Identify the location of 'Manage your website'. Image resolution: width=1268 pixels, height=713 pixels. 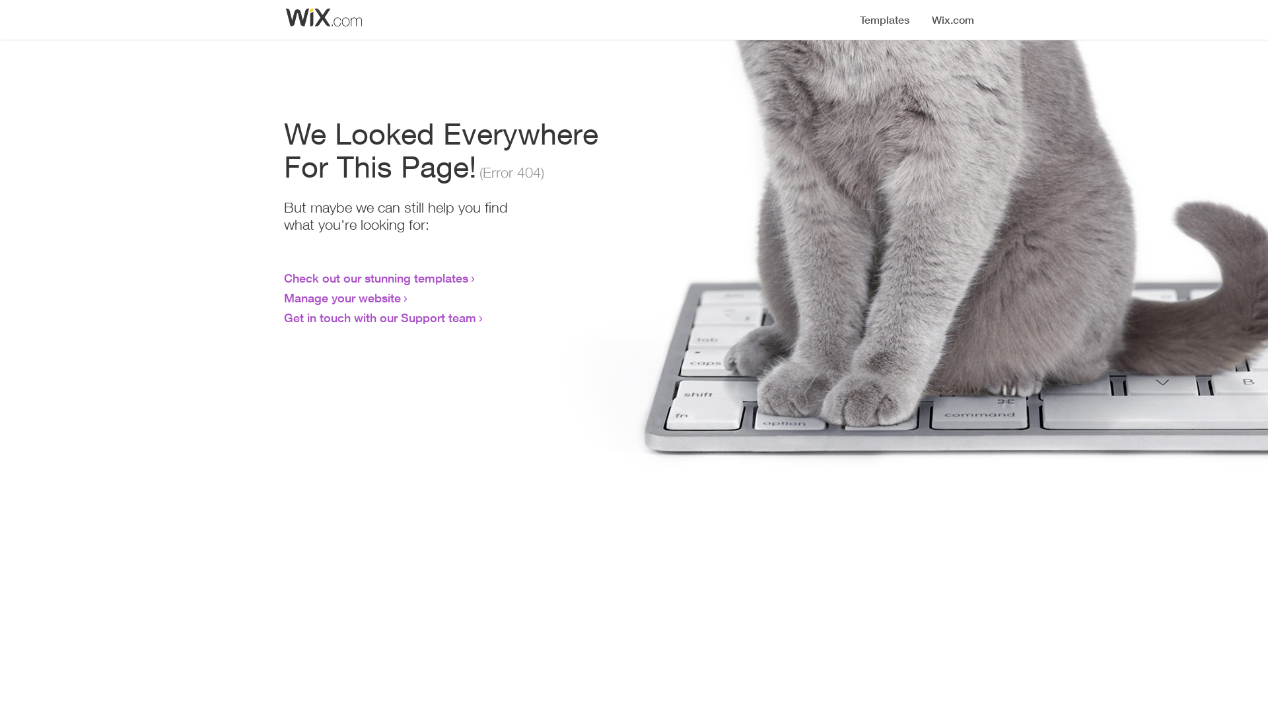
(342, 298).